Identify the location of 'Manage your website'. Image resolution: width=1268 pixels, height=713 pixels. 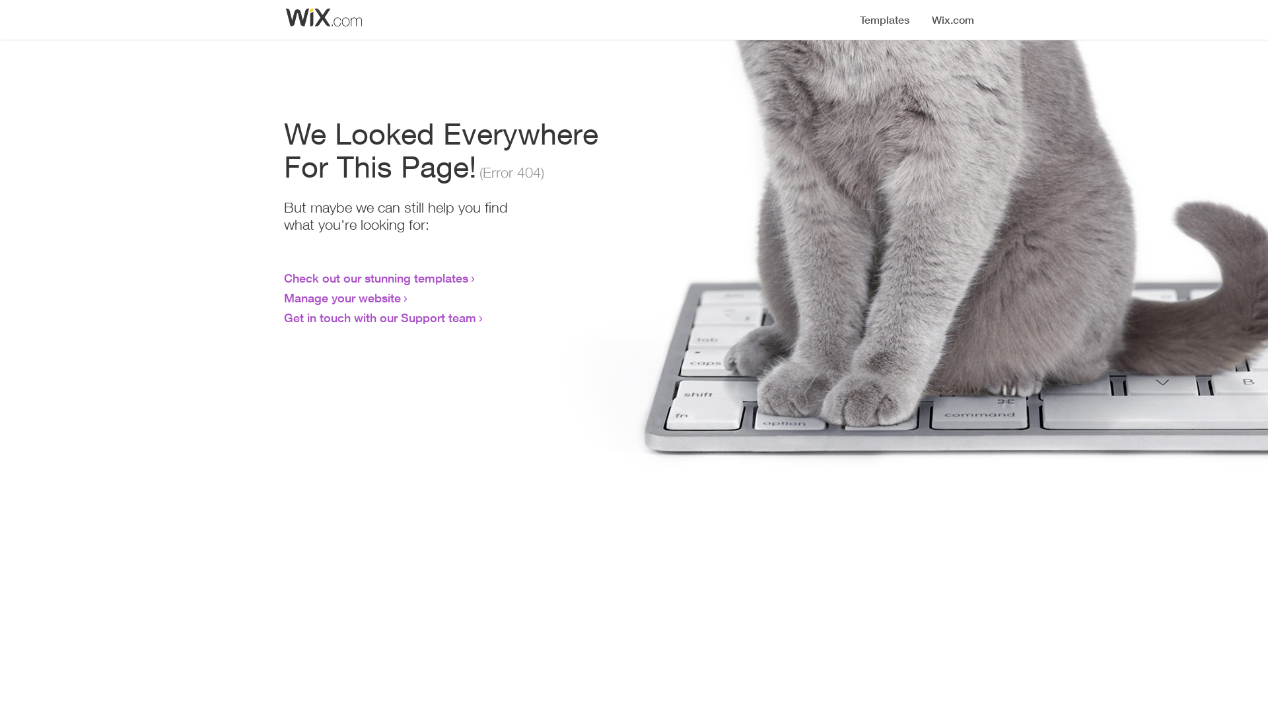
(342, 298).